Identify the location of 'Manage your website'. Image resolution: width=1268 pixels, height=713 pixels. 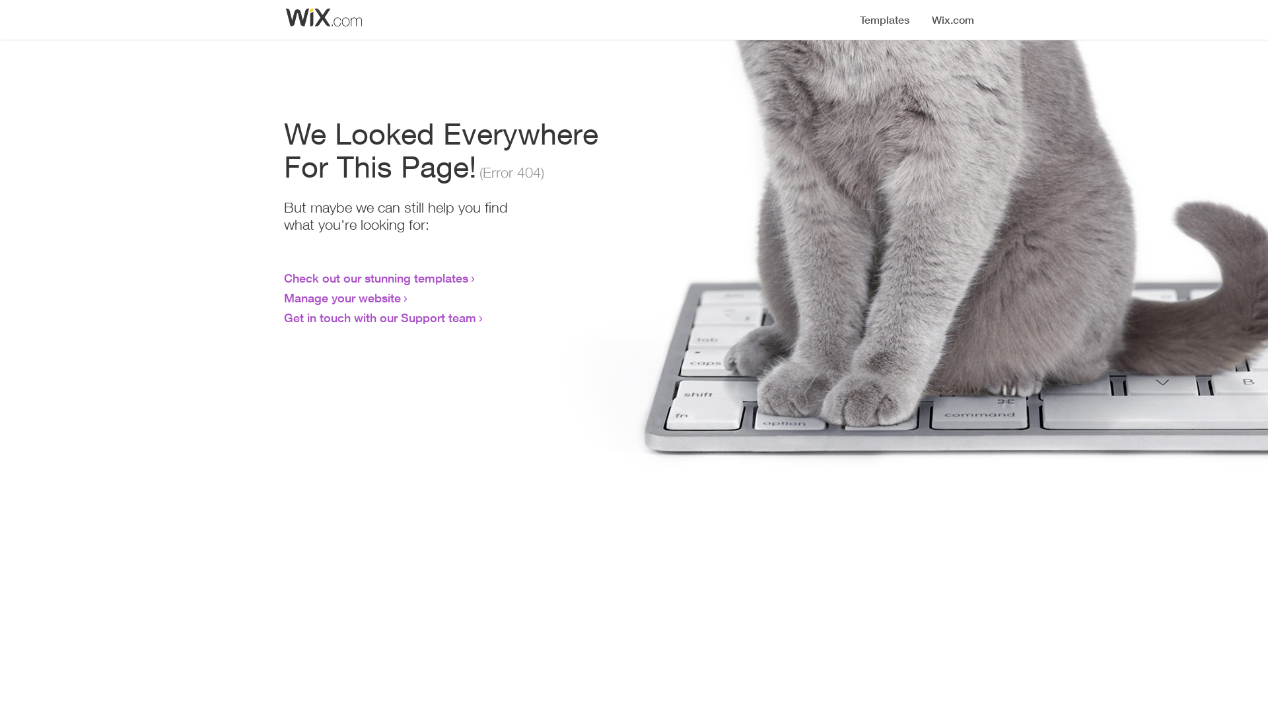
(342, 298).